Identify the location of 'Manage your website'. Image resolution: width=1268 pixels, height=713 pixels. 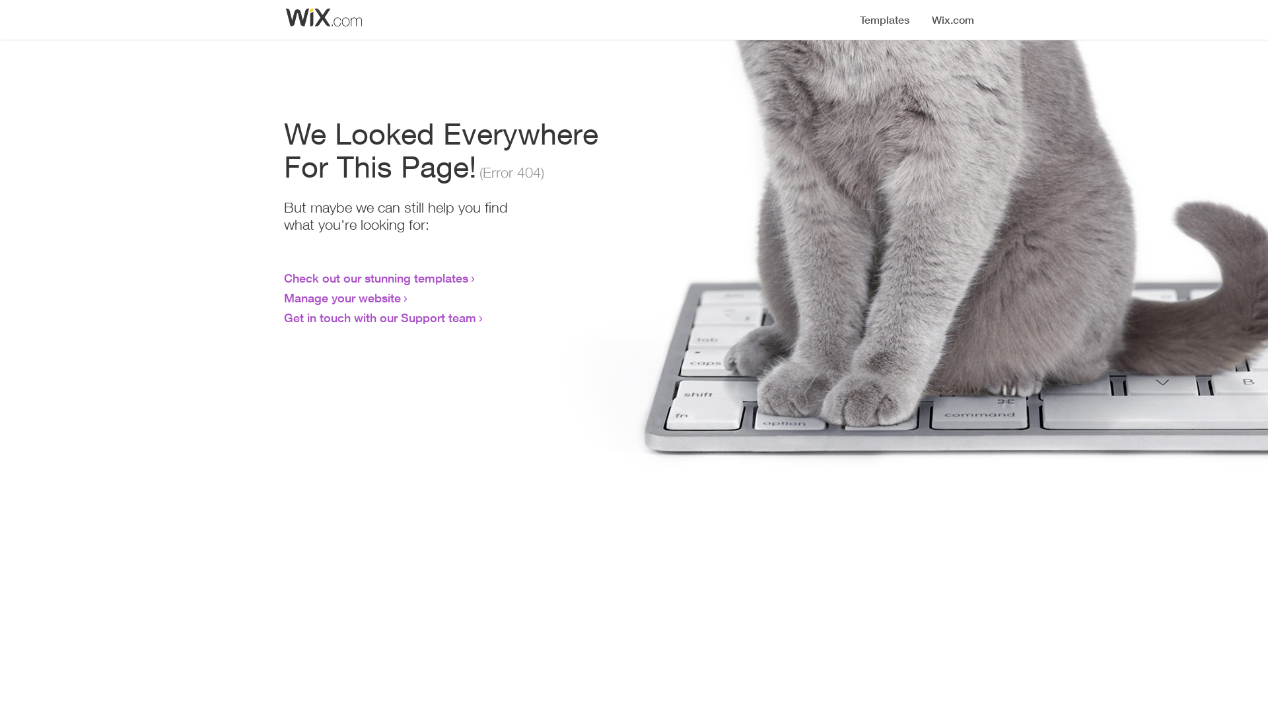
(342, 298).